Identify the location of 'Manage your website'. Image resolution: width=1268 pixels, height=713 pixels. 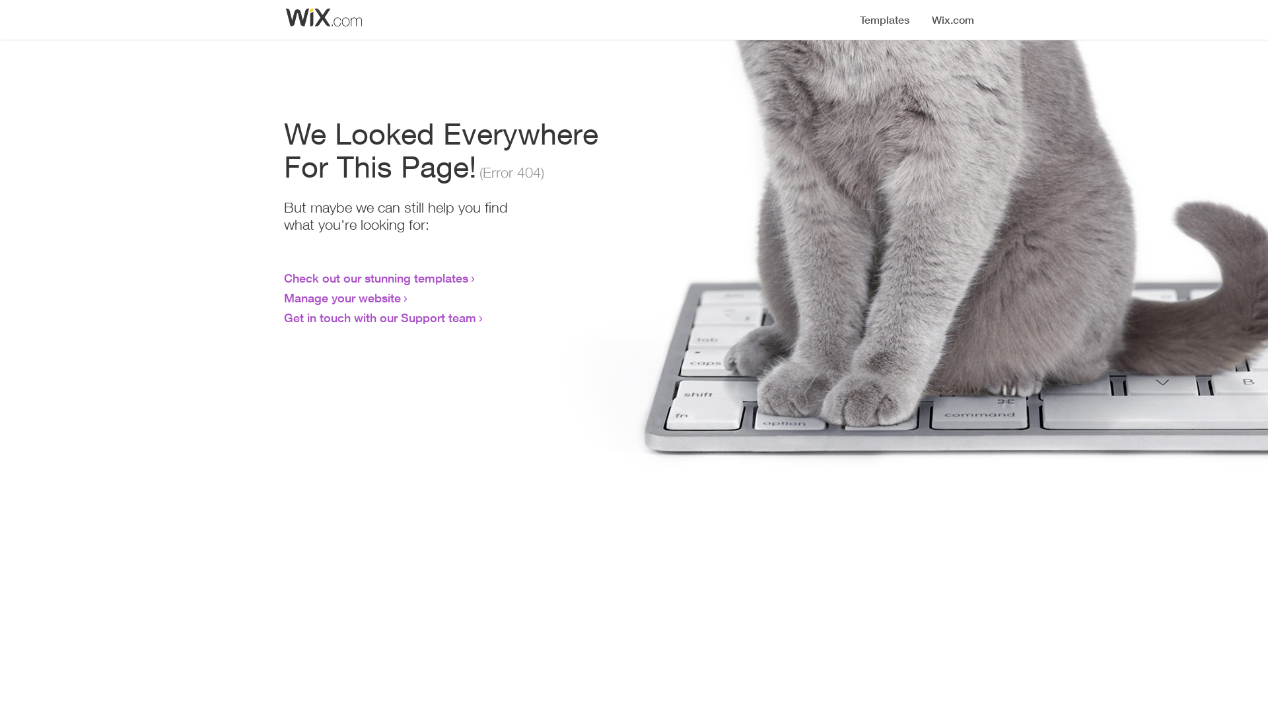
(342, 298).